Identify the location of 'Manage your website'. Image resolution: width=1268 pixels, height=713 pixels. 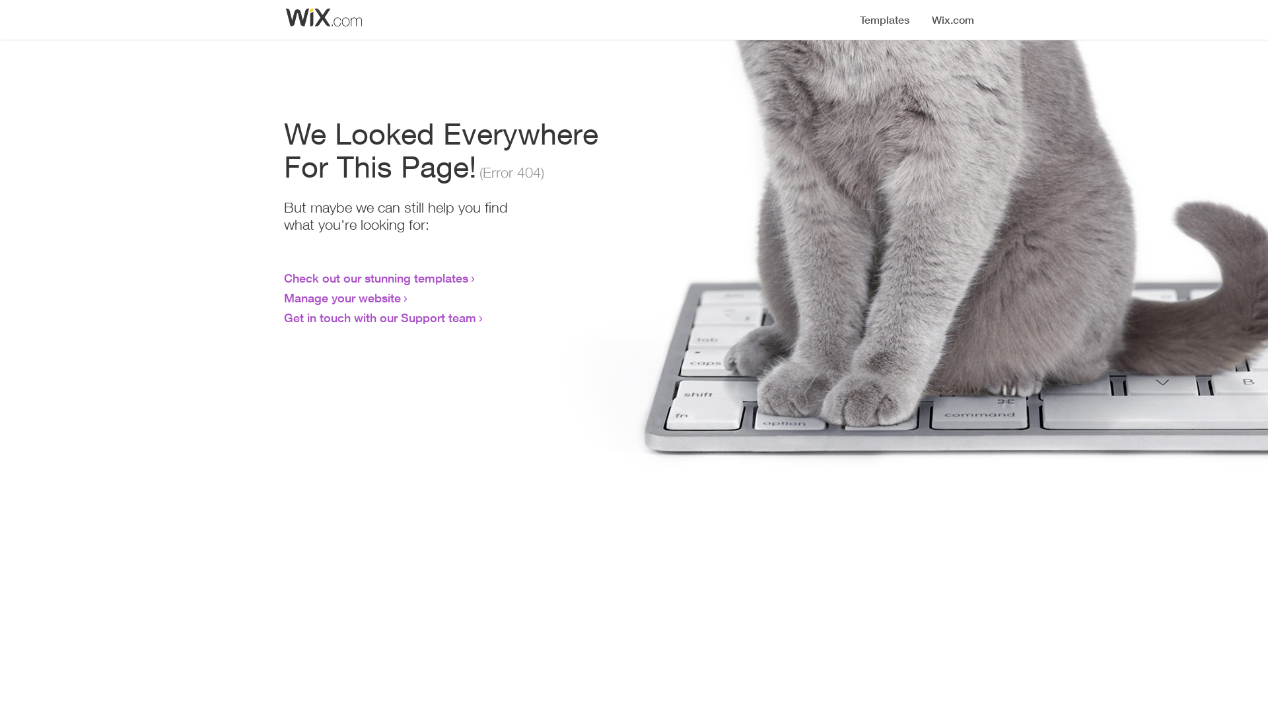
(342, 298).